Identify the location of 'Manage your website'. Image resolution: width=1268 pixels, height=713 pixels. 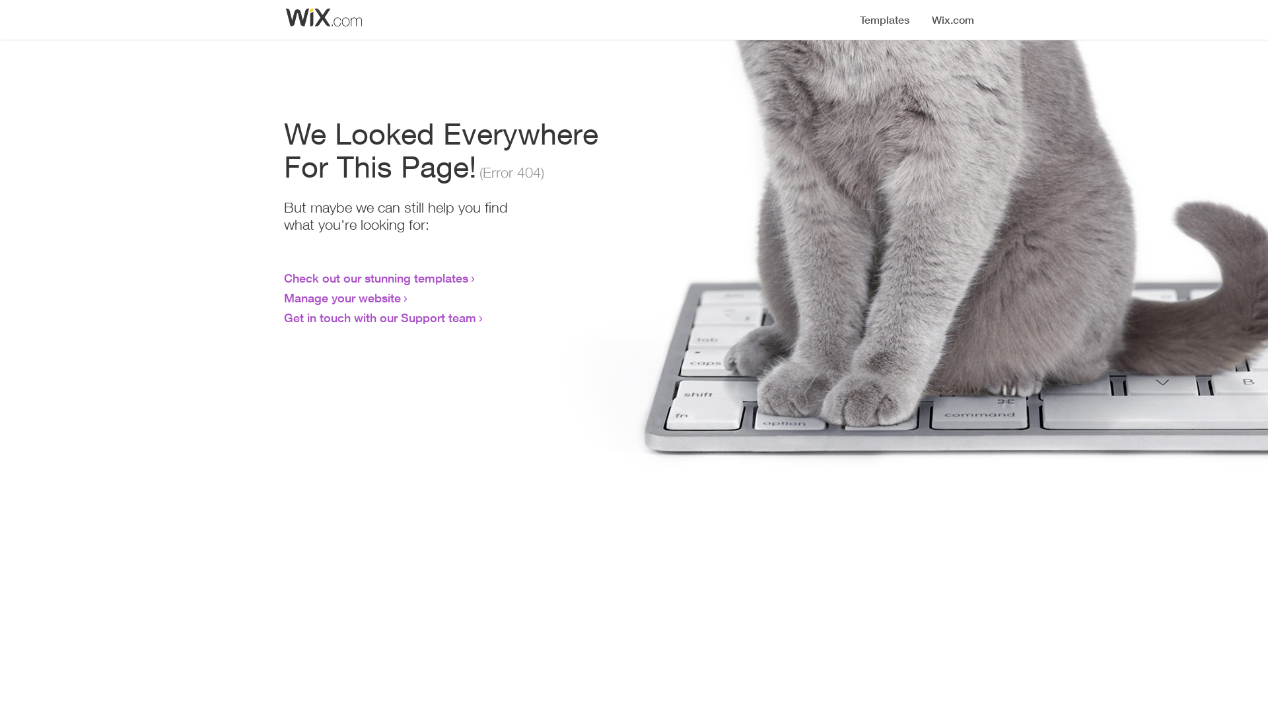
(342, 298).